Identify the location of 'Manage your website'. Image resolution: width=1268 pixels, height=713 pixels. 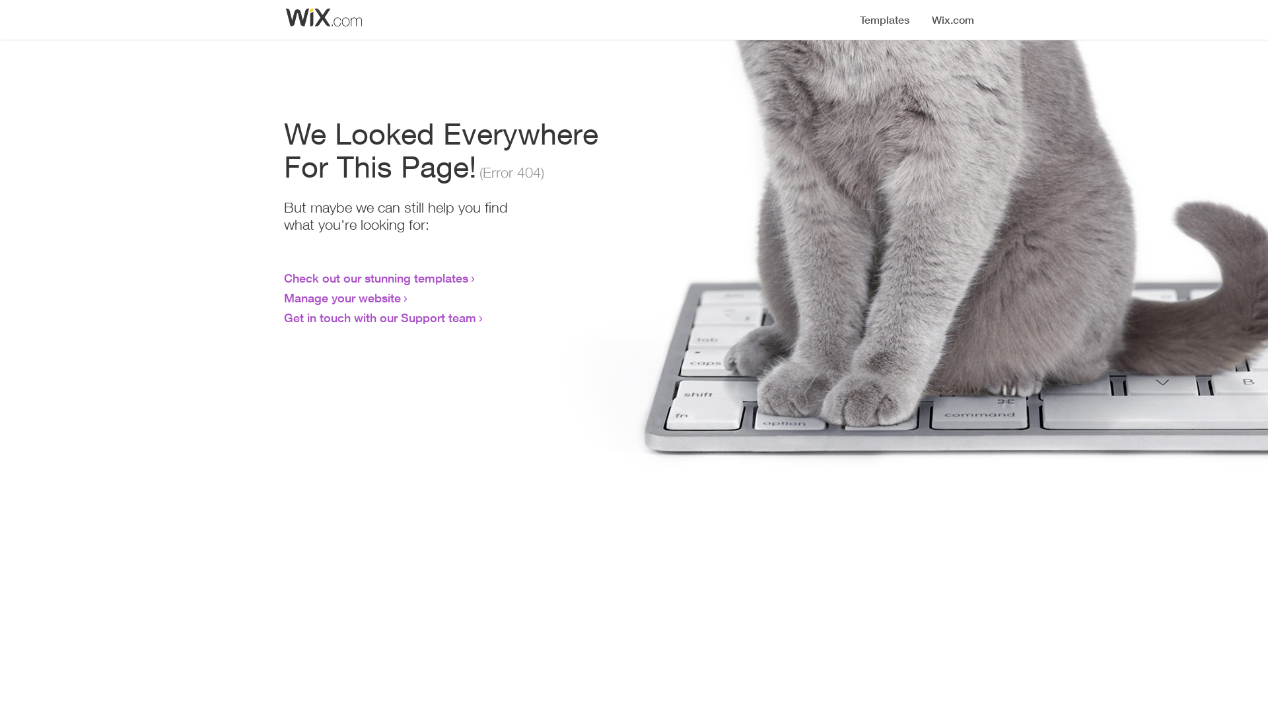
(342, 298).